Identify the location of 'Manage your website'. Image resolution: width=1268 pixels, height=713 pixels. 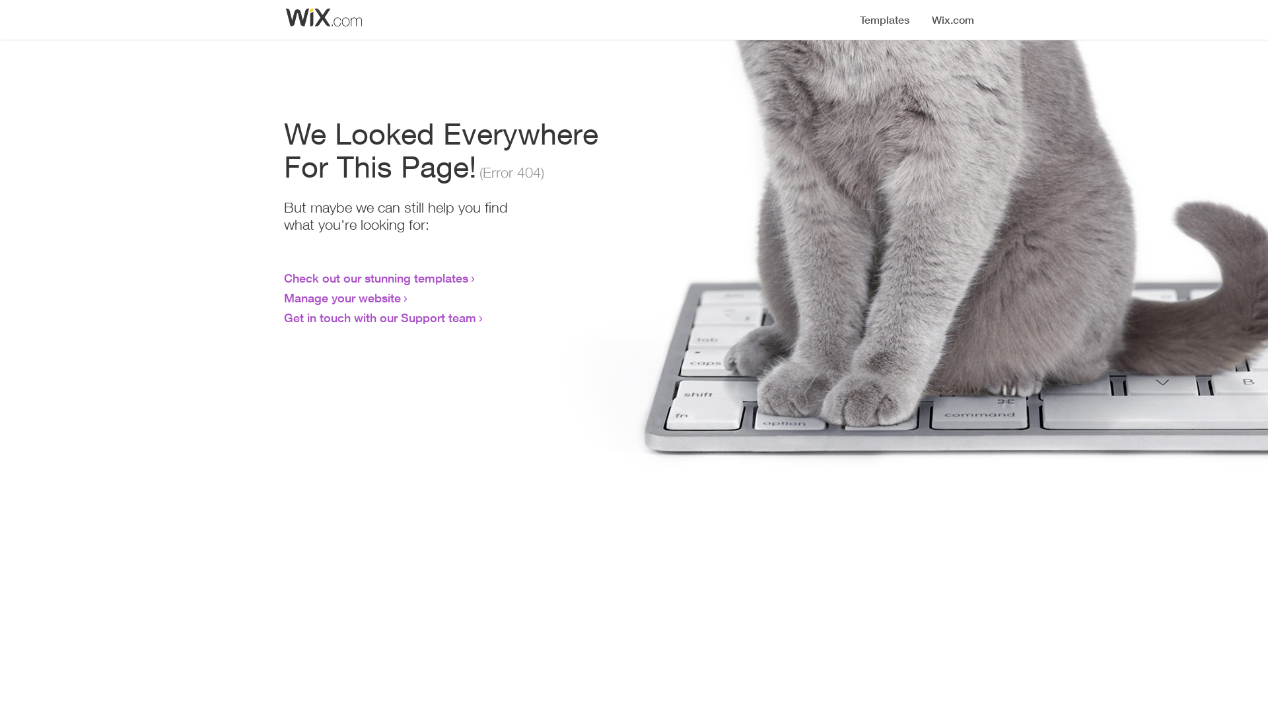
(342, 298).